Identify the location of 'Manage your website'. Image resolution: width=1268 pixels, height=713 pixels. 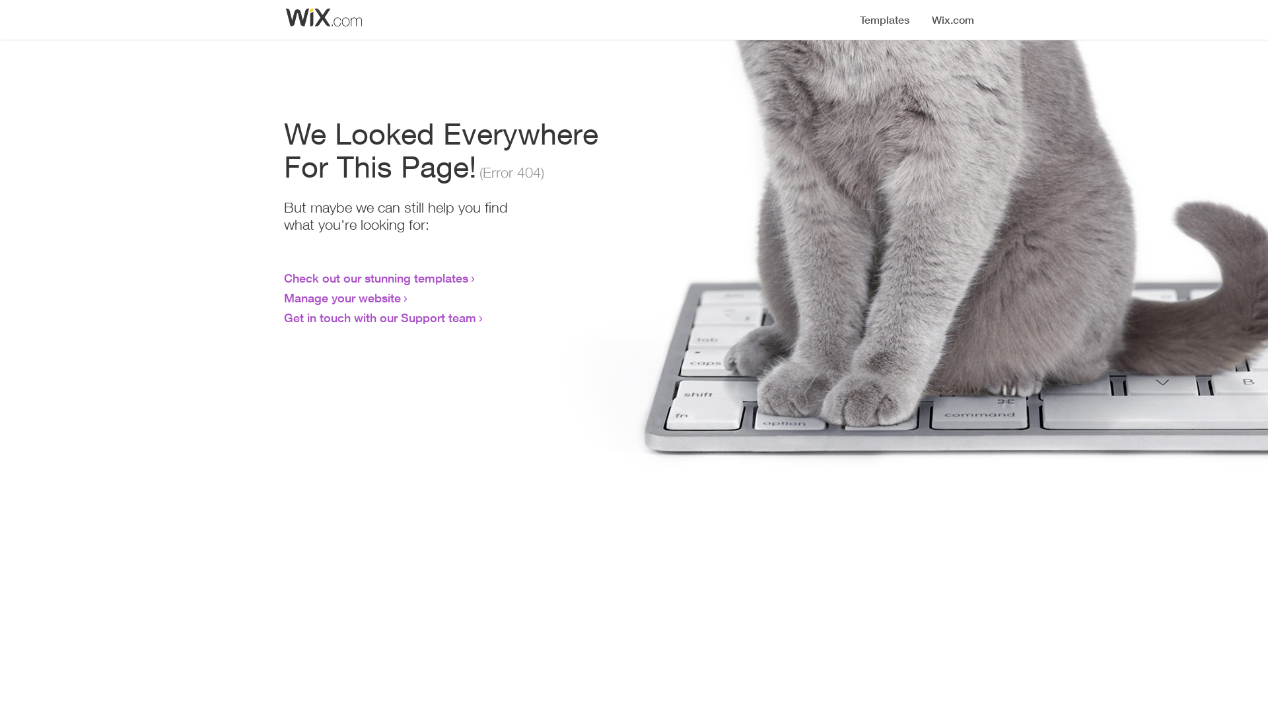
(342, 298).